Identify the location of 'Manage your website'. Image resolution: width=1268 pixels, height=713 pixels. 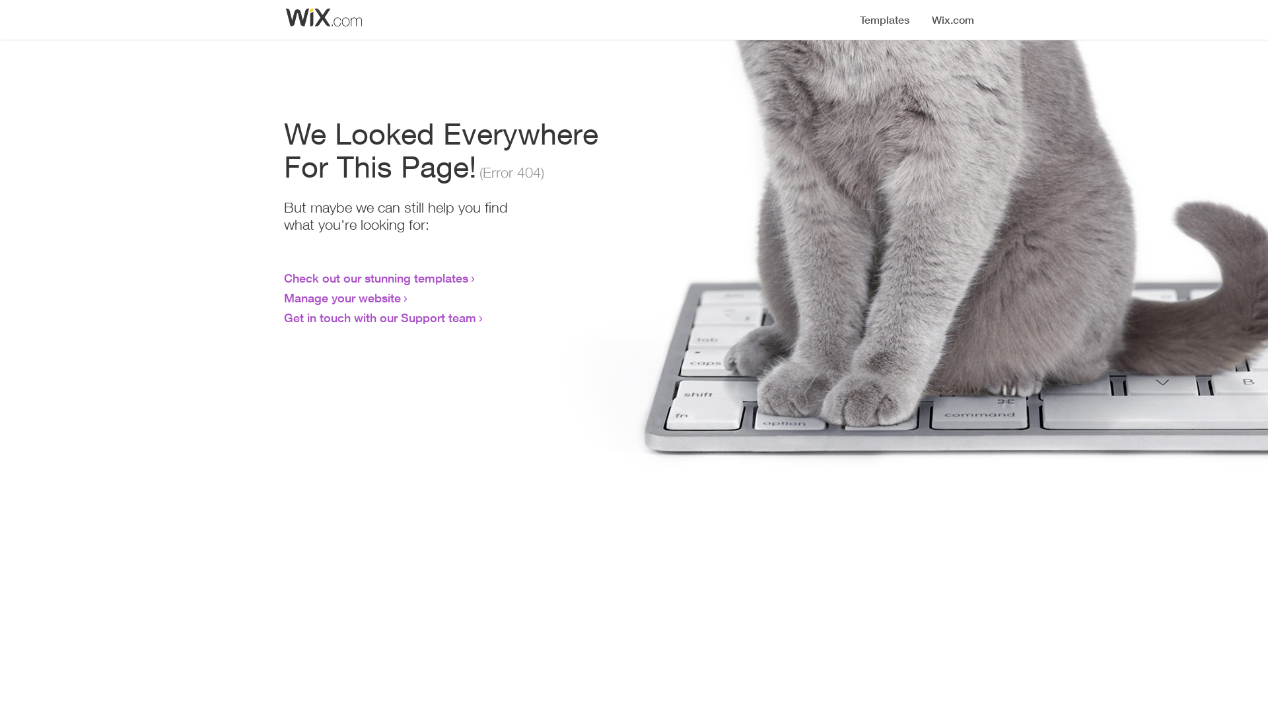
(342, 298).